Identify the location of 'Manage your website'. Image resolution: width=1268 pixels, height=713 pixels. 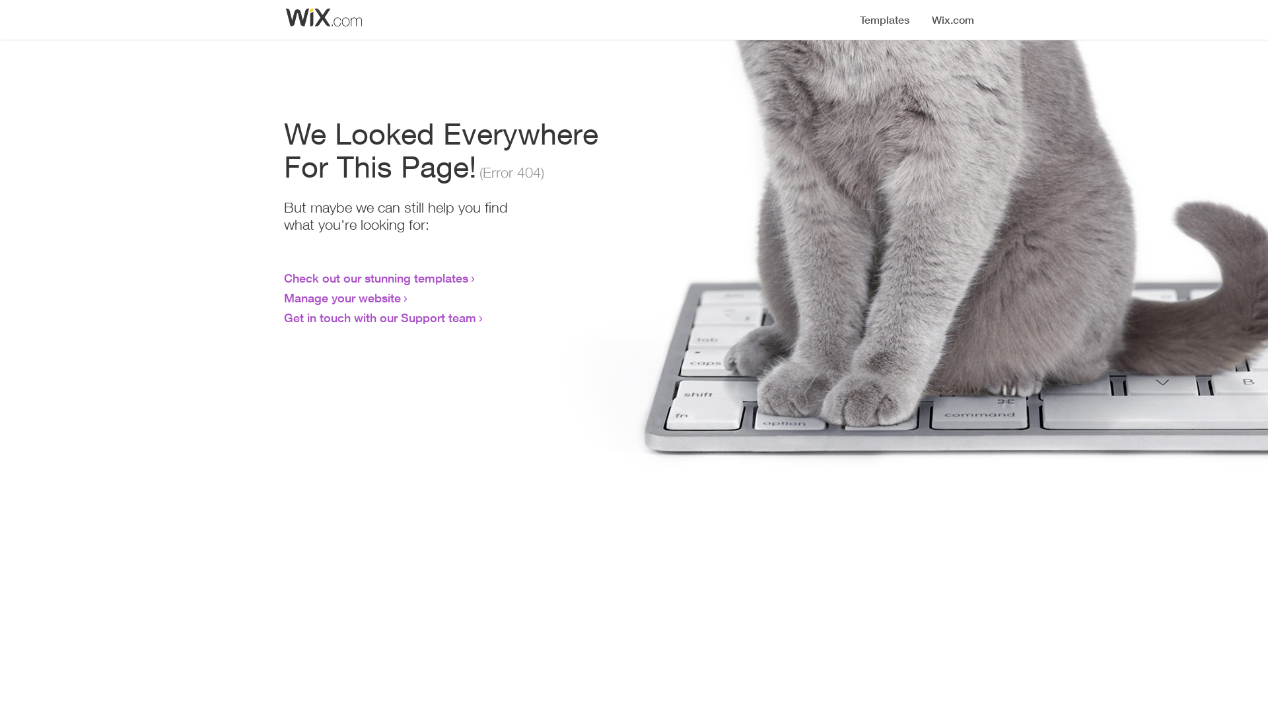
(342, 298).